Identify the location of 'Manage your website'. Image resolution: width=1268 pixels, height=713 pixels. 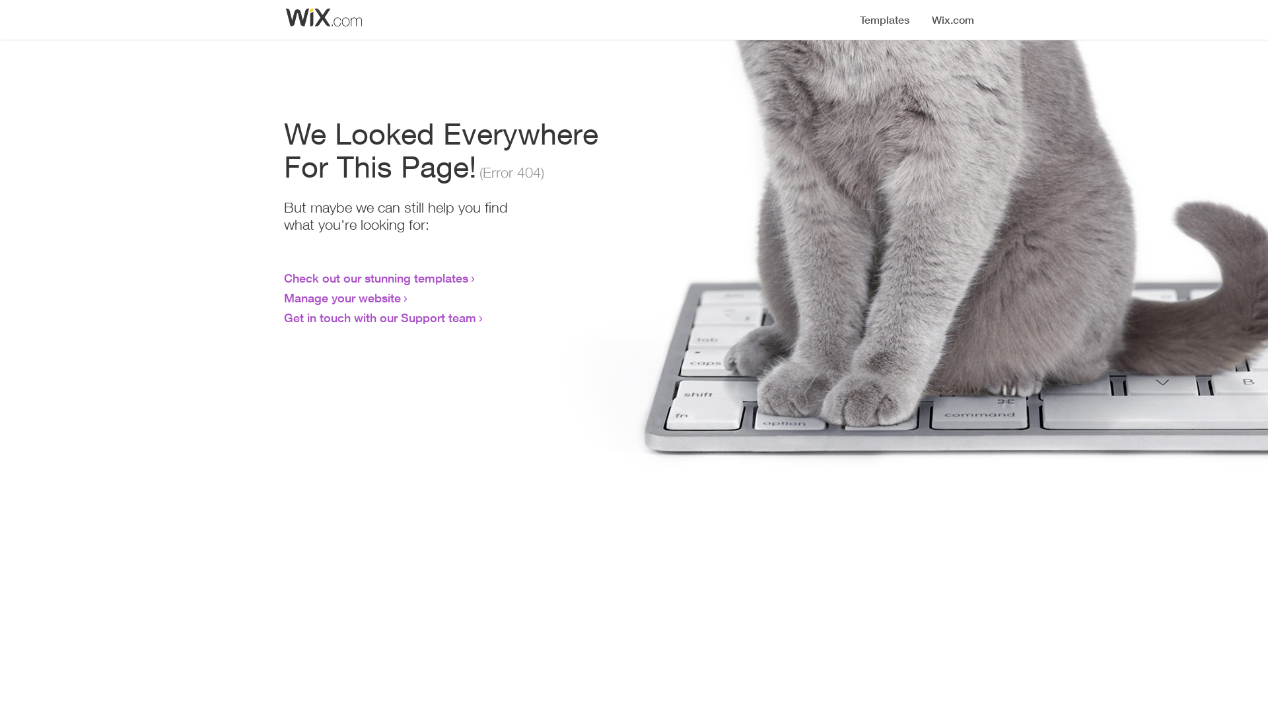
(342, 298).